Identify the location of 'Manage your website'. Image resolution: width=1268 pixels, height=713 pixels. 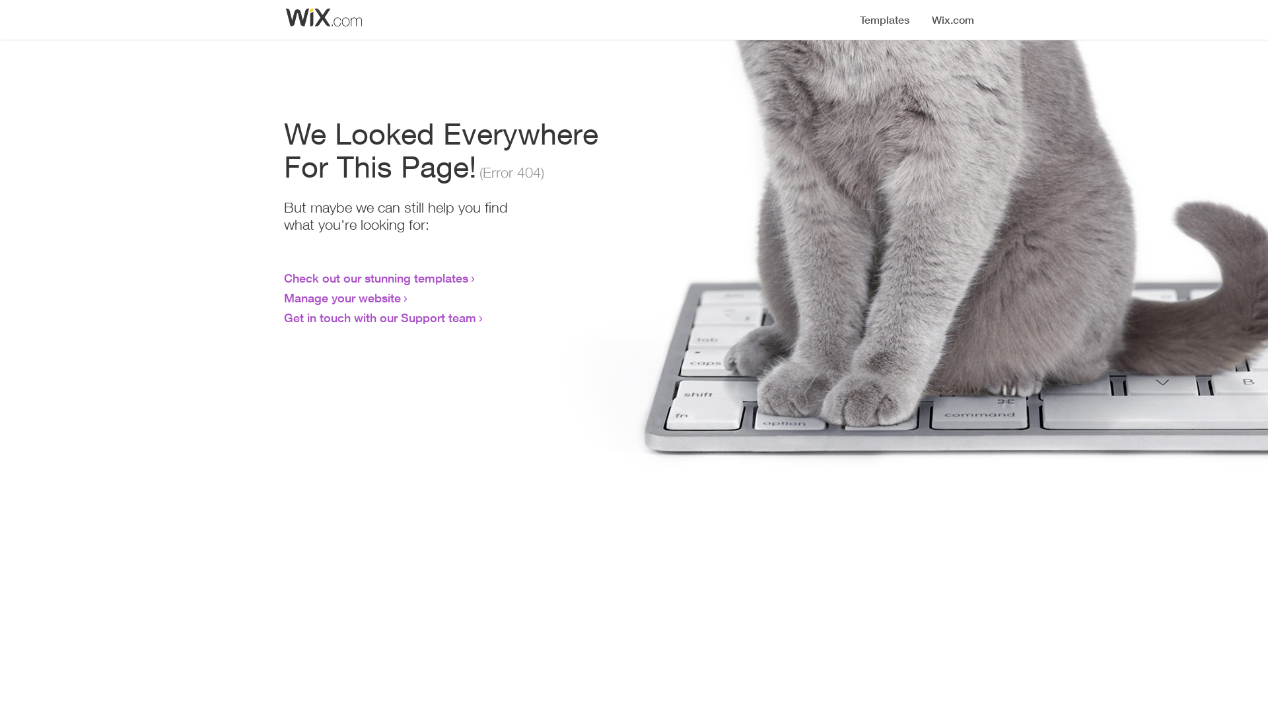
(342, 298).